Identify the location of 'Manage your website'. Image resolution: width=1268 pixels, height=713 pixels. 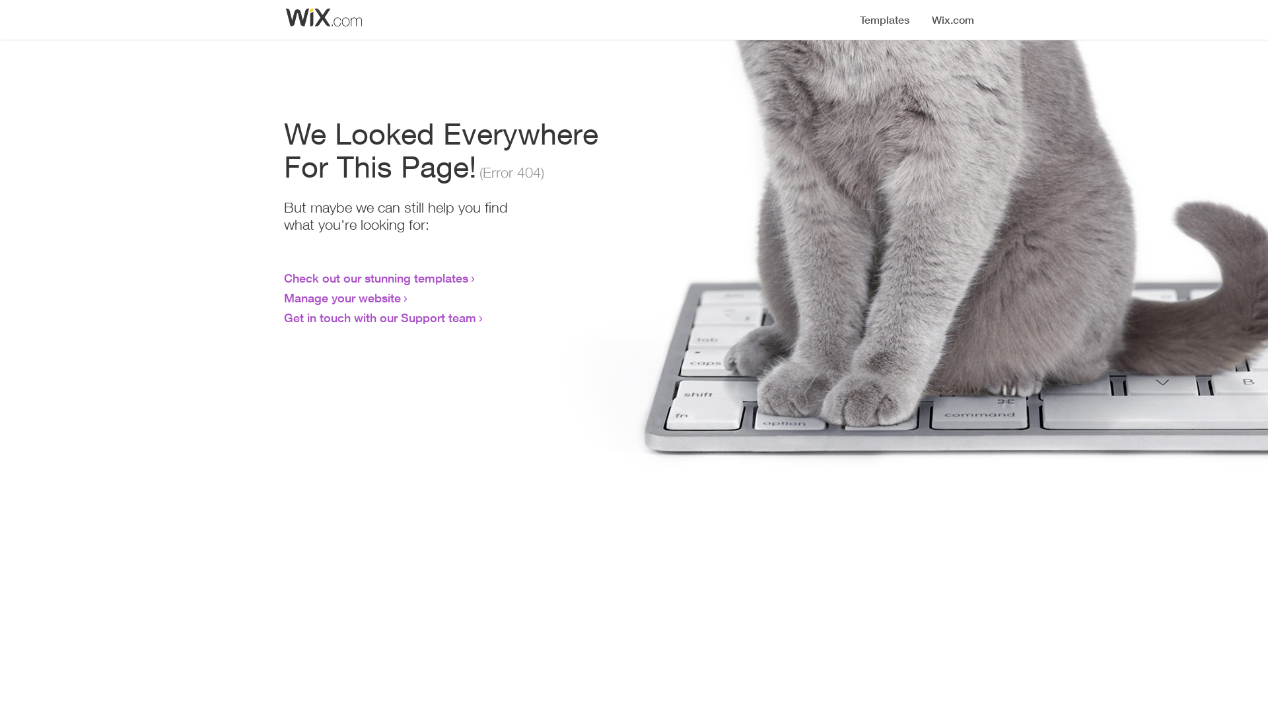
(342, 298).